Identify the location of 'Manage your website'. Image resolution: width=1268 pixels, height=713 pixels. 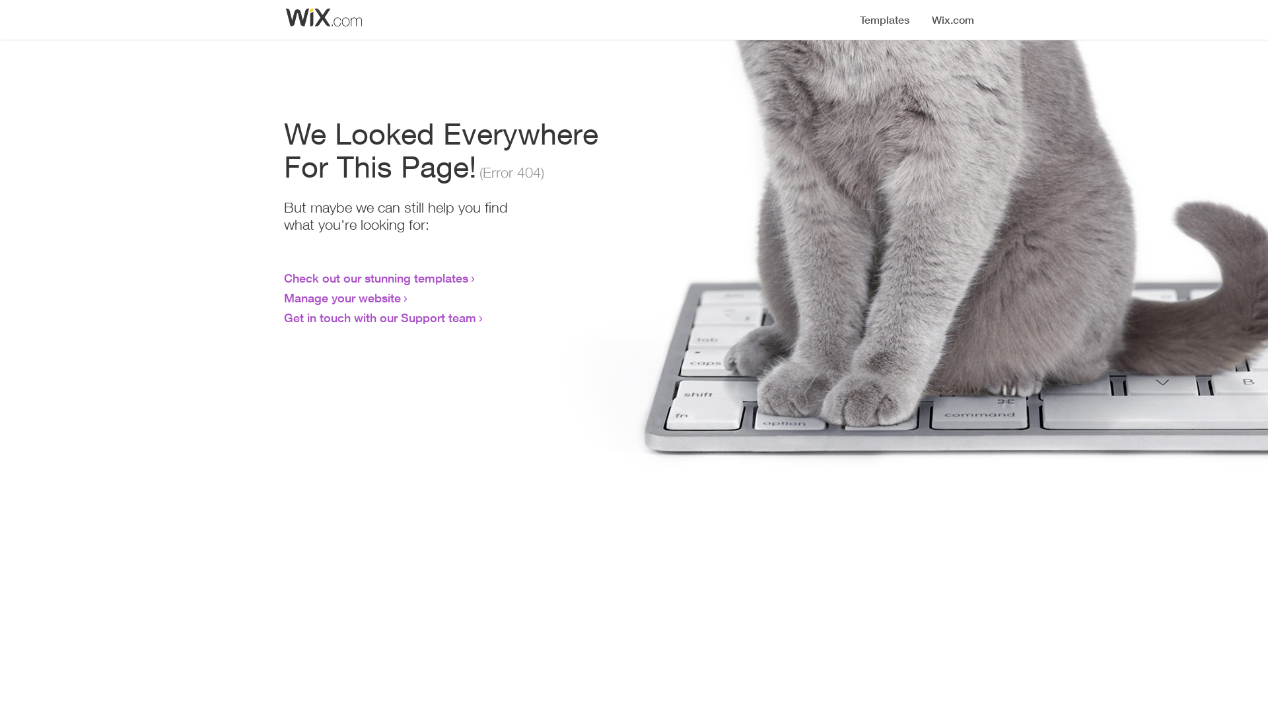
(342, 298).